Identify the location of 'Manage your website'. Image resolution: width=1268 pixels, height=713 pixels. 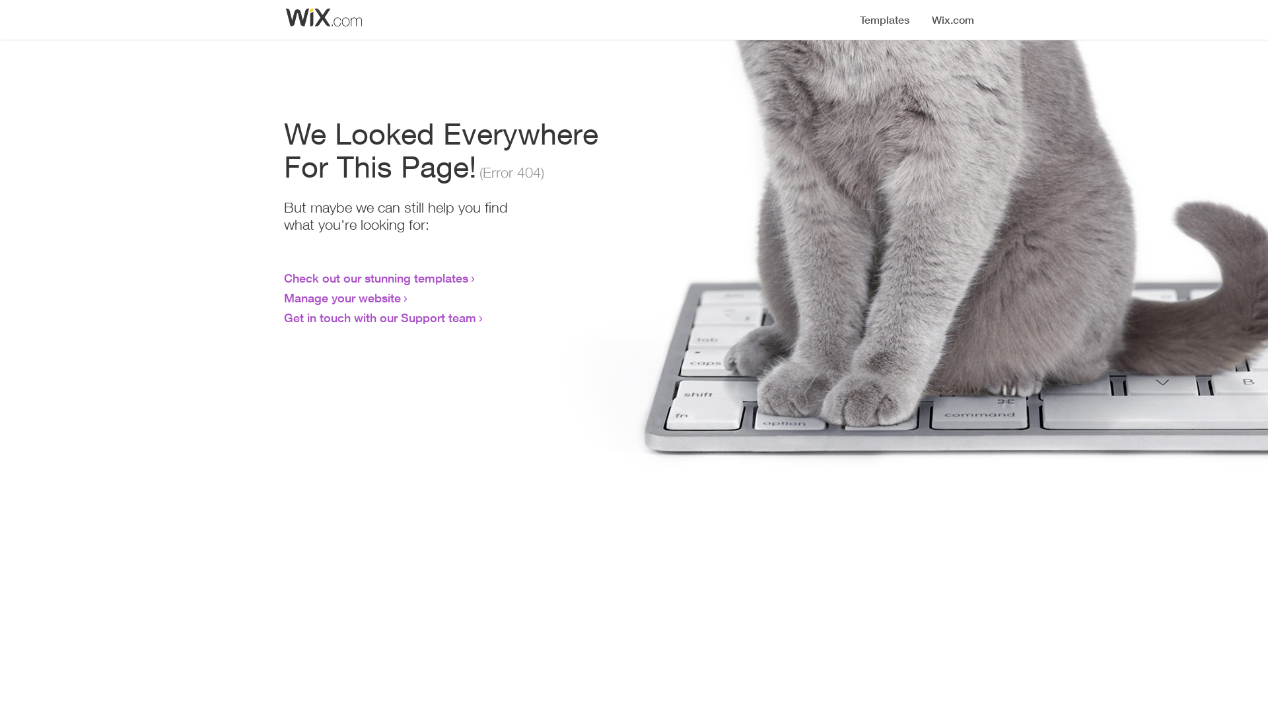
(342, 298).